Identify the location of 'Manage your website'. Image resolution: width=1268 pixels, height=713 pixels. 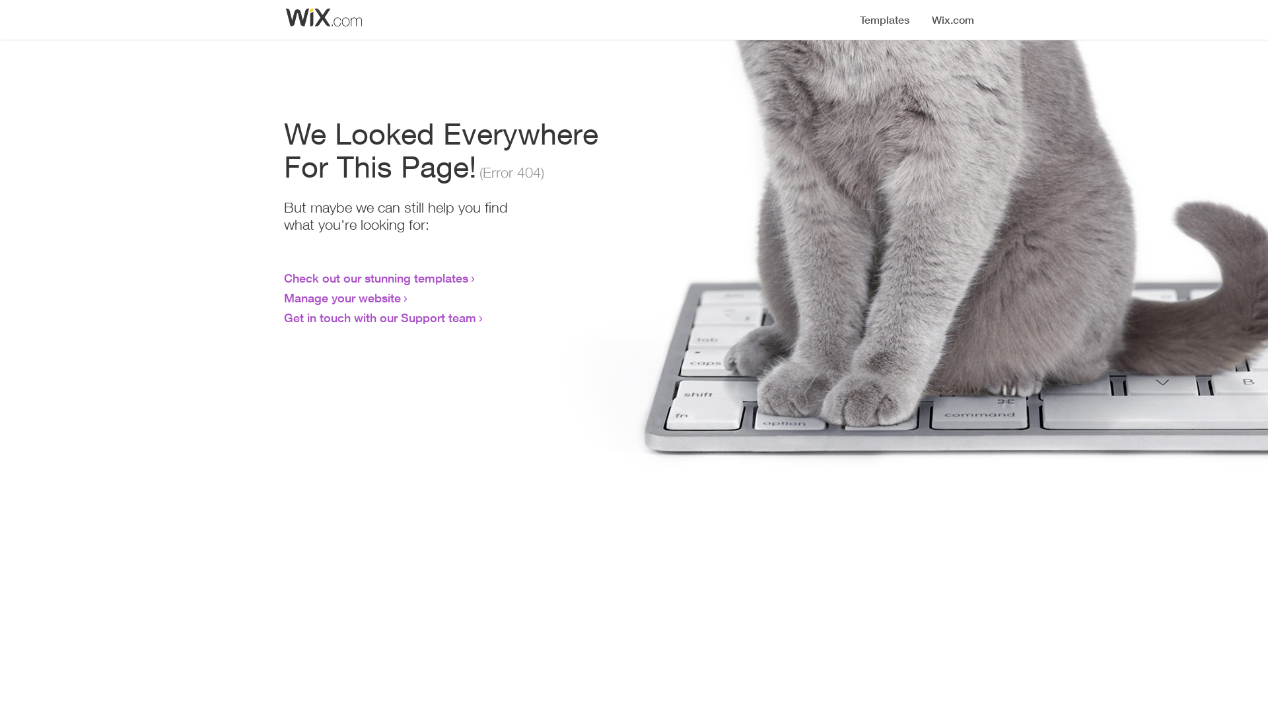
(342, 298).